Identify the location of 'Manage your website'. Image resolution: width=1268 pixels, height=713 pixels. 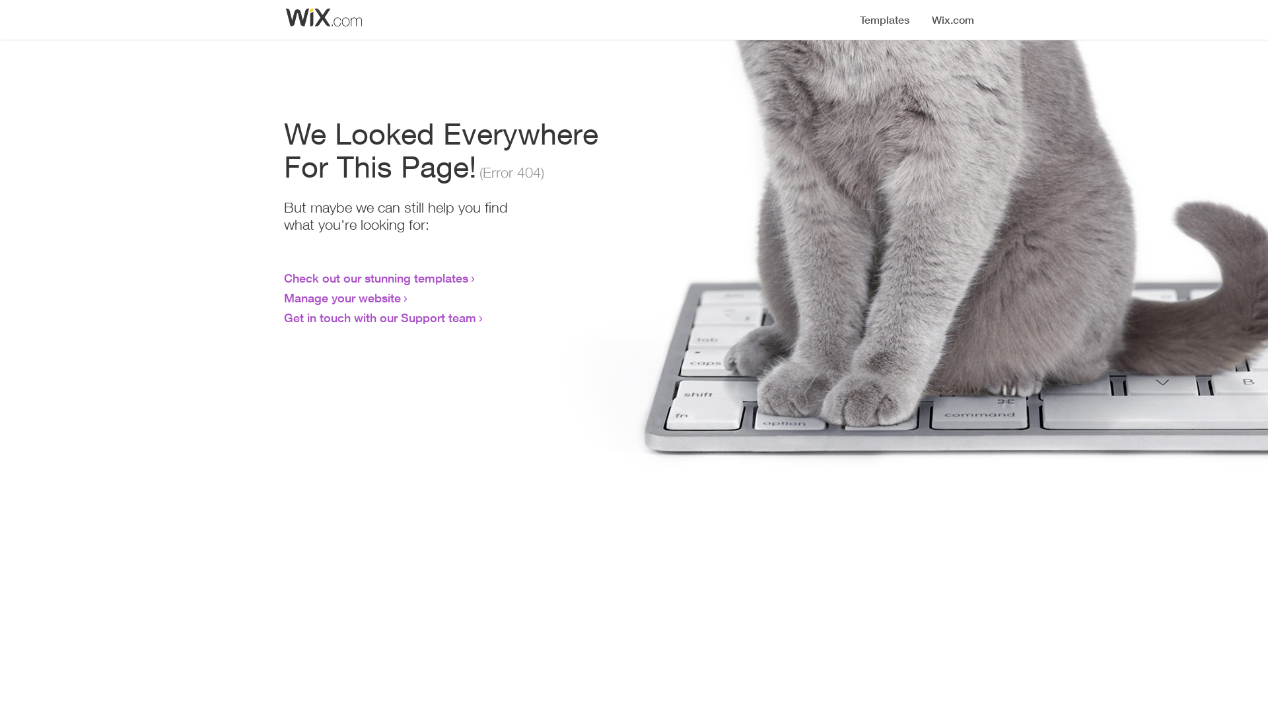
(342, 298).